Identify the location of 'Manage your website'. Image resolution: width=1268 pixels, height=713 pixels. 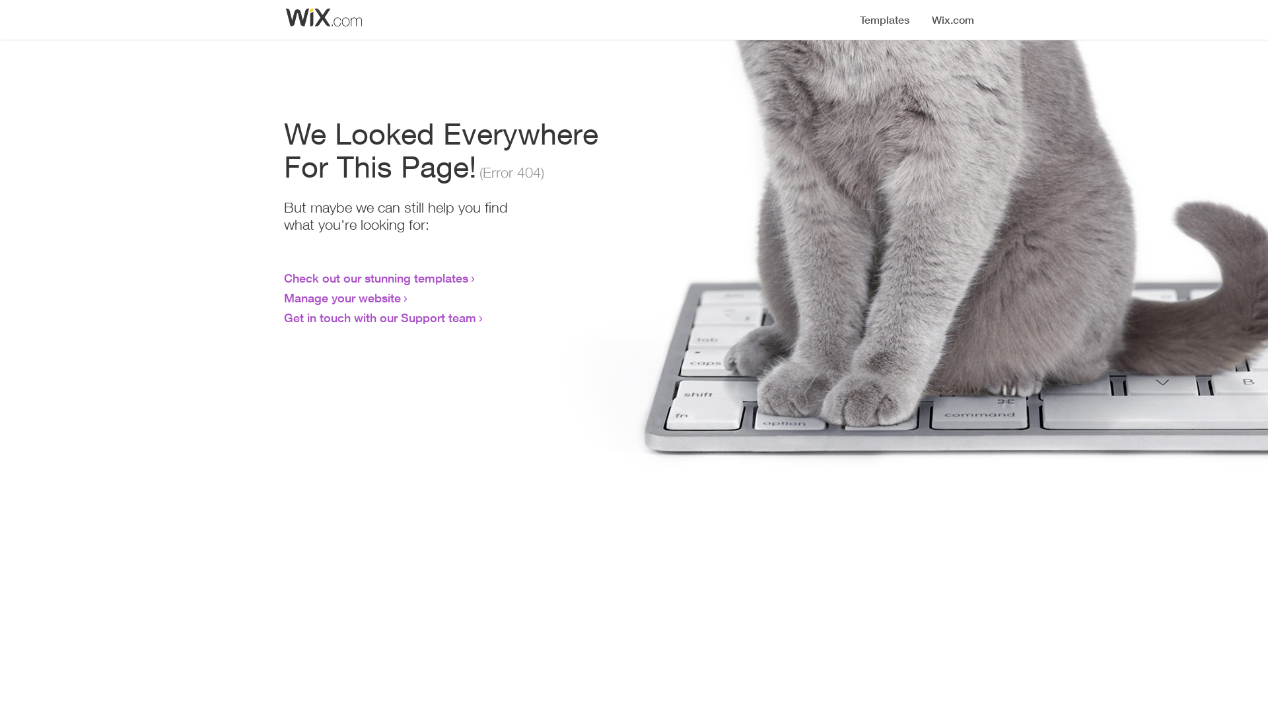
(342, 298).